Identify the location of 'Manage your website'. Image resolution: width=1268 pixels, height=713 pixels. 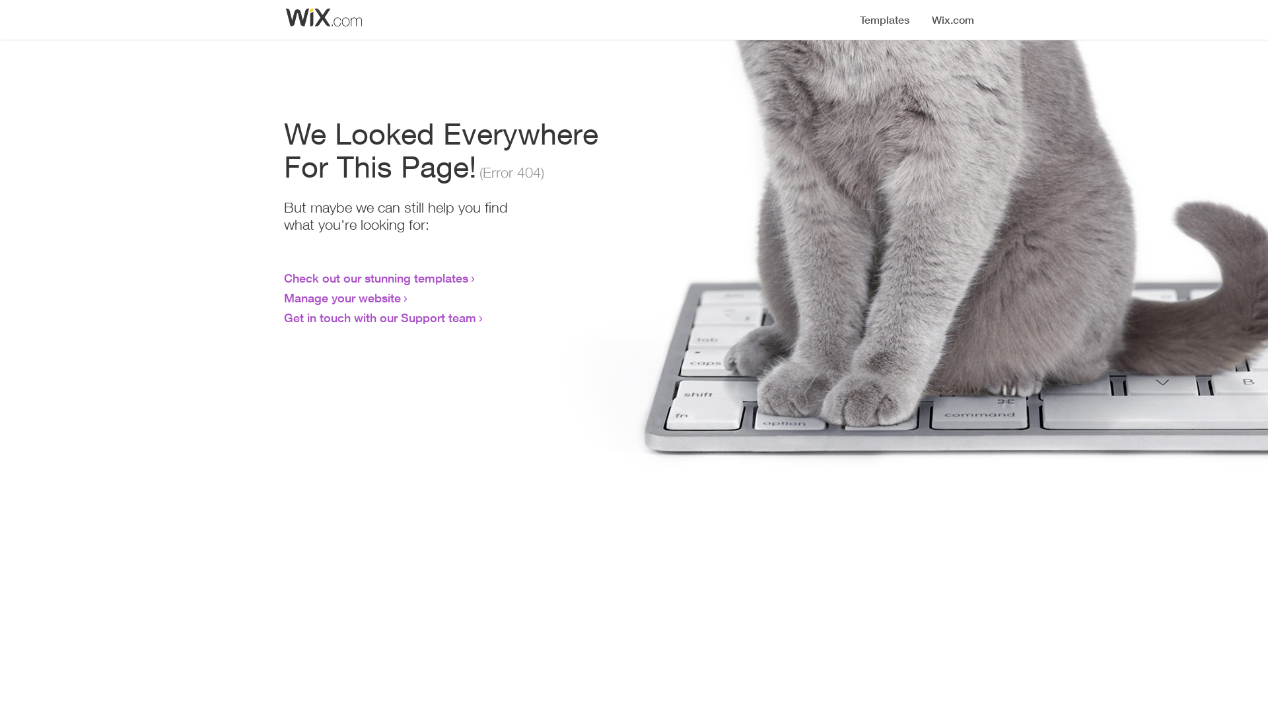
(342, 298).